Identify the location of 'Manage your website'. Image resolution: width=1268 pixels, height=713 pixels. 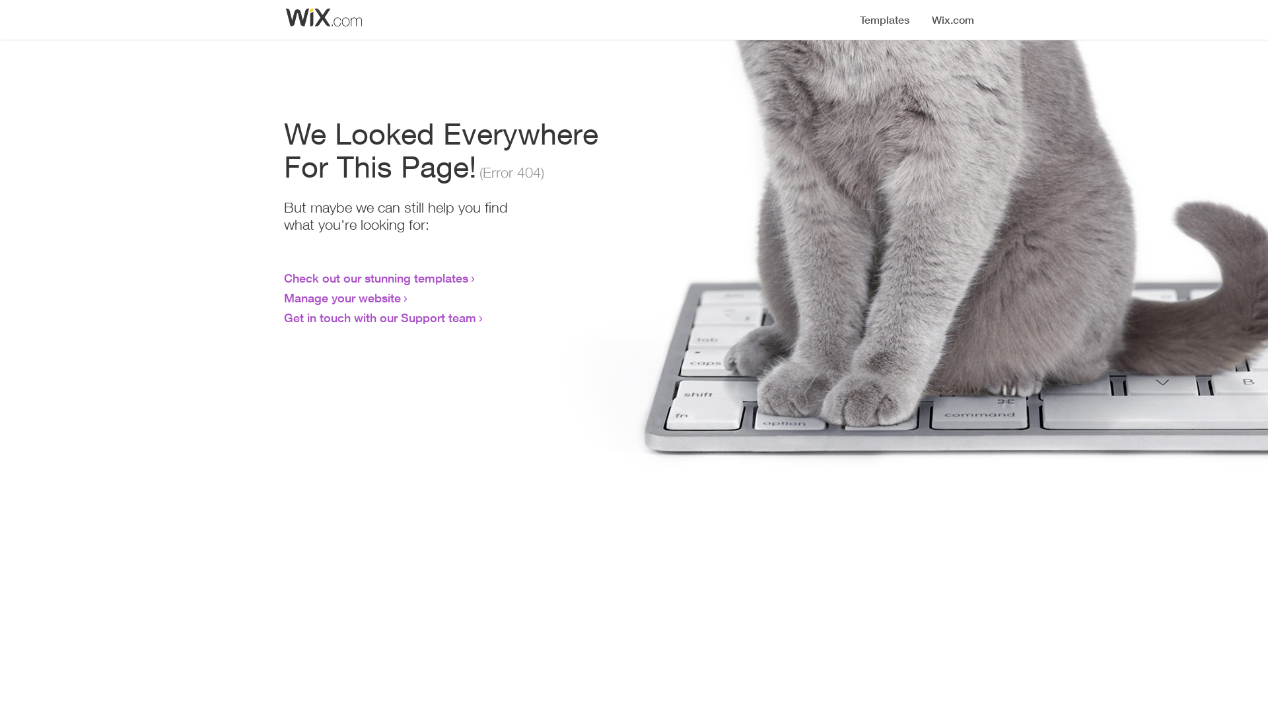
(342, 298).